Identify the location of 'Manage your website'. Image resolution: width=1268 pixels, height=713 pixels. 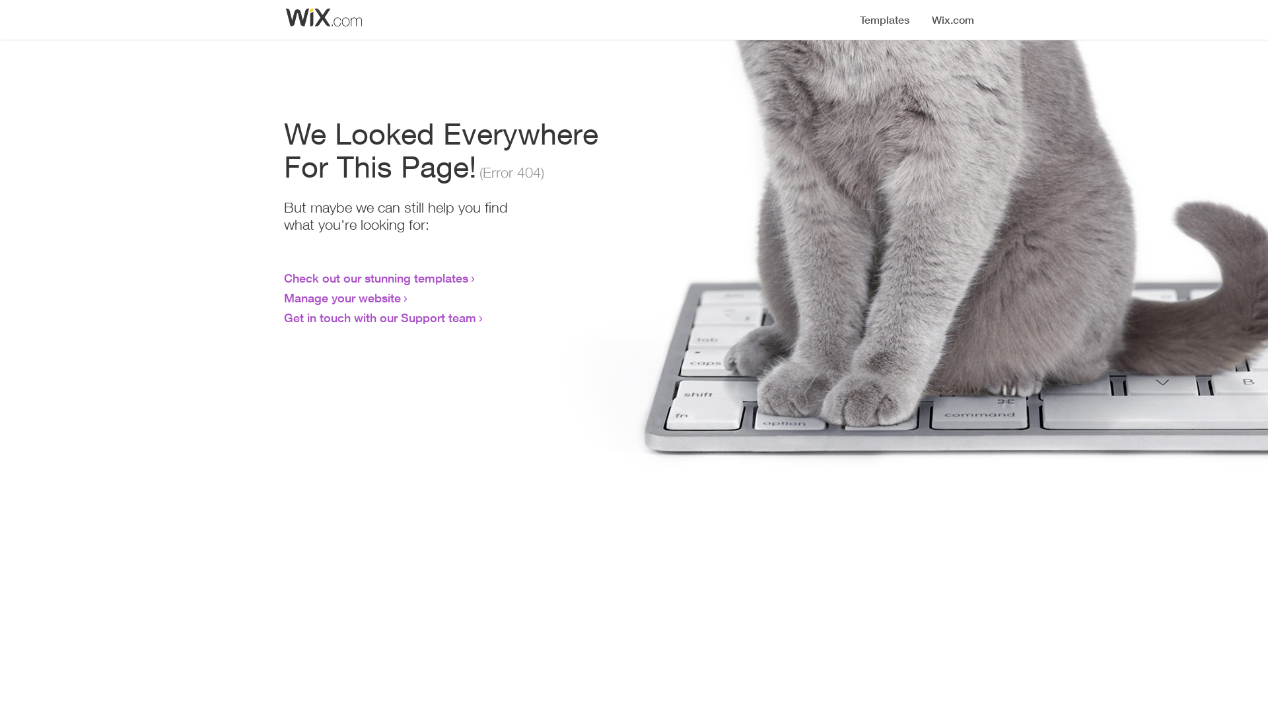
(342, 298).